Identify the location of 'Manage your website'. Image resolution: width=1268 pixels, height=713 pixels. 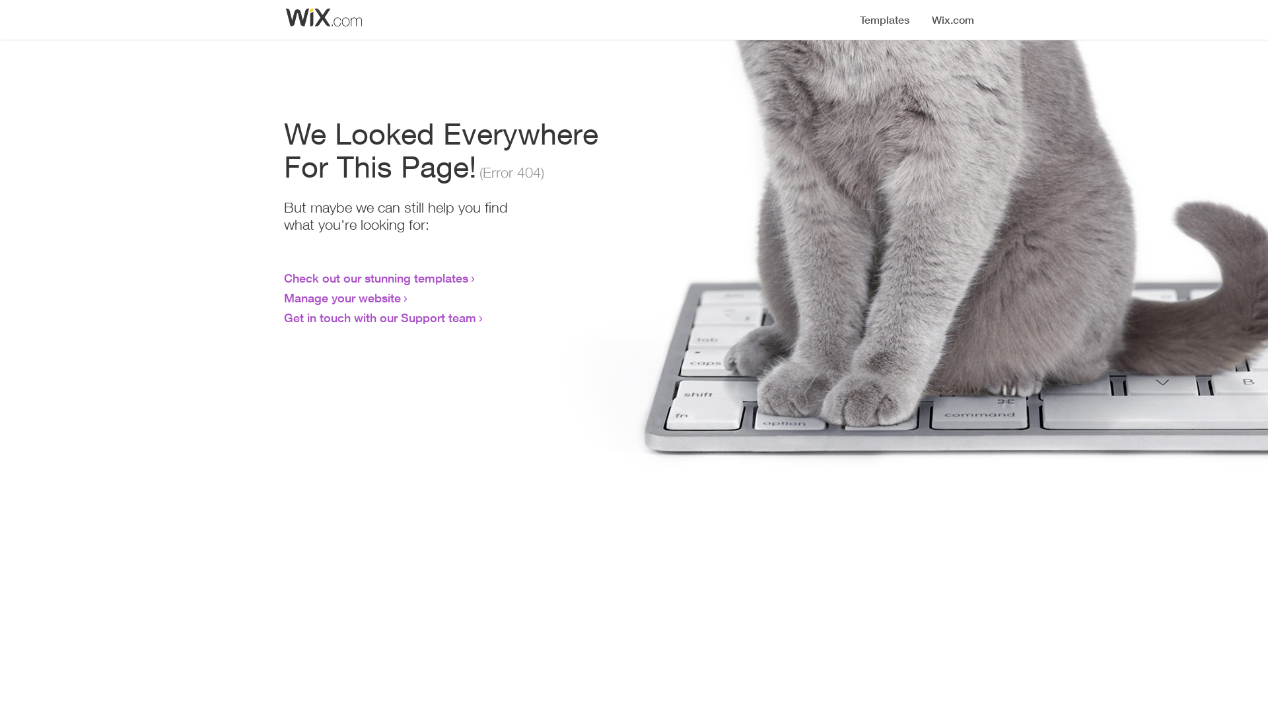
(342, 298).